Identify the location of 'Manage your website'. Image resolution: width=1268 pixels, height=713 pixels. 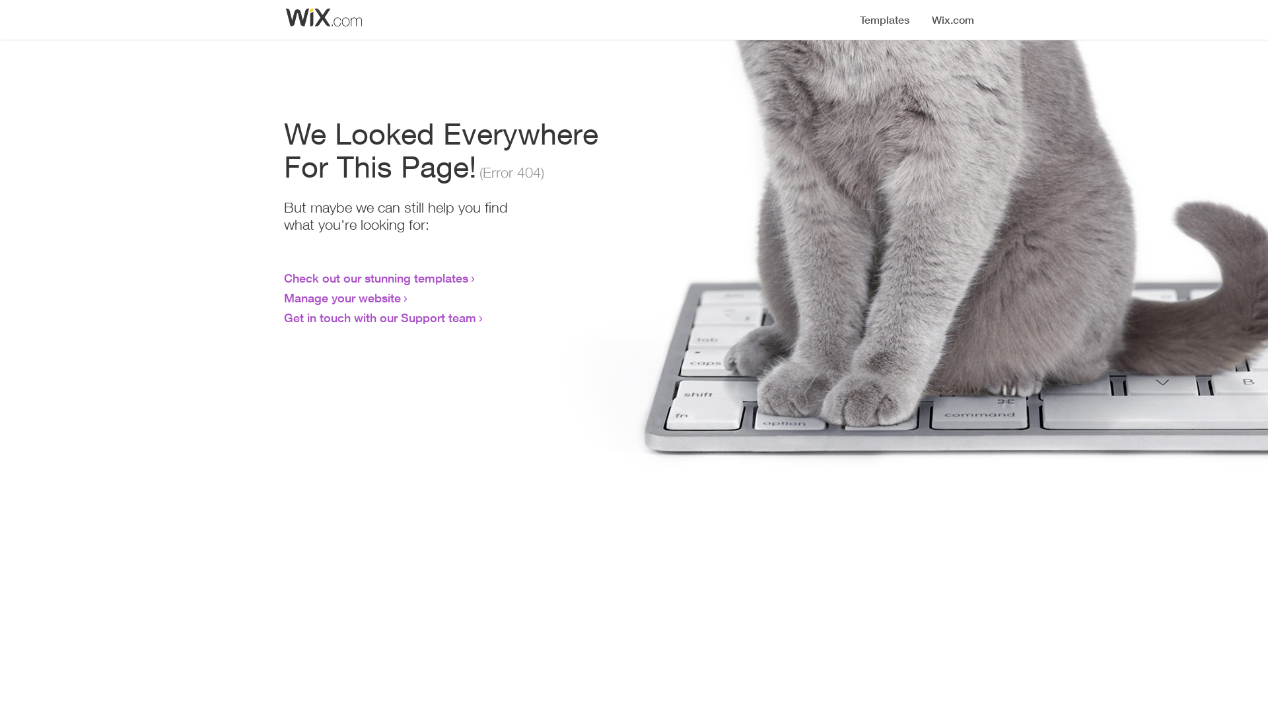
(342, 298).